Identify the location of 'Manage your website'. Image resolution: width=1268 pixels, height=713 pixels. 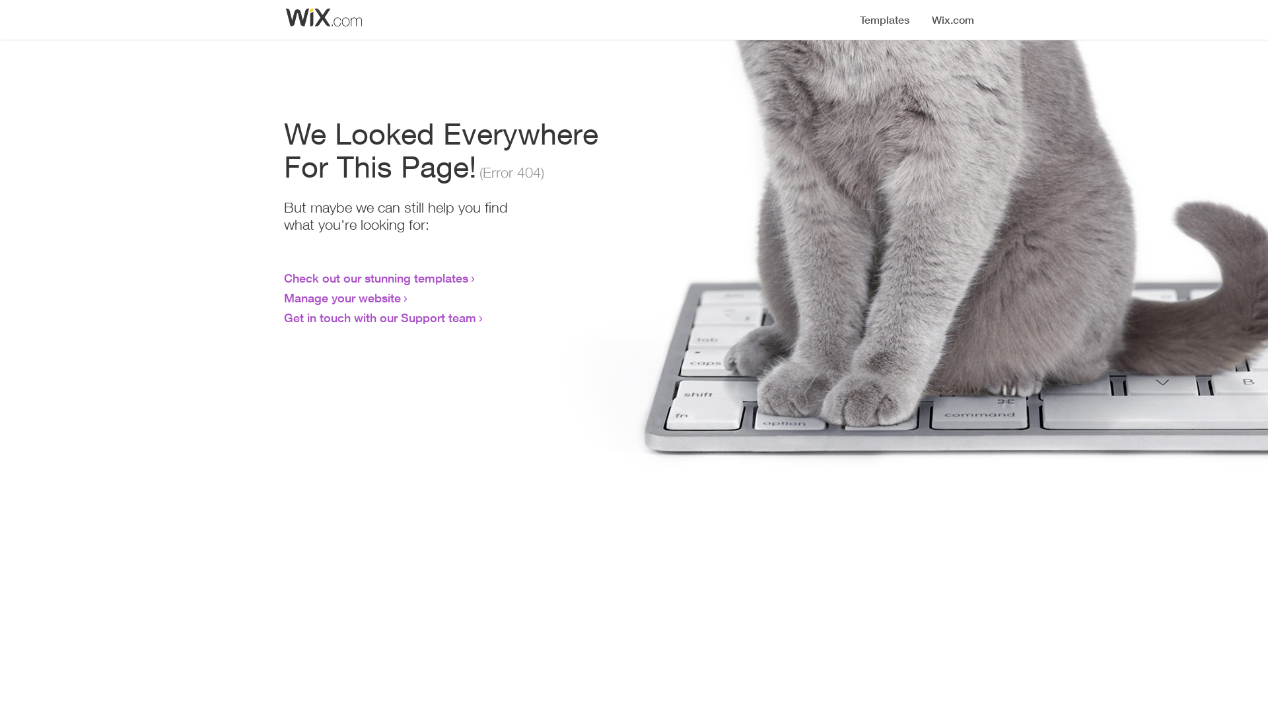
(342, 298).